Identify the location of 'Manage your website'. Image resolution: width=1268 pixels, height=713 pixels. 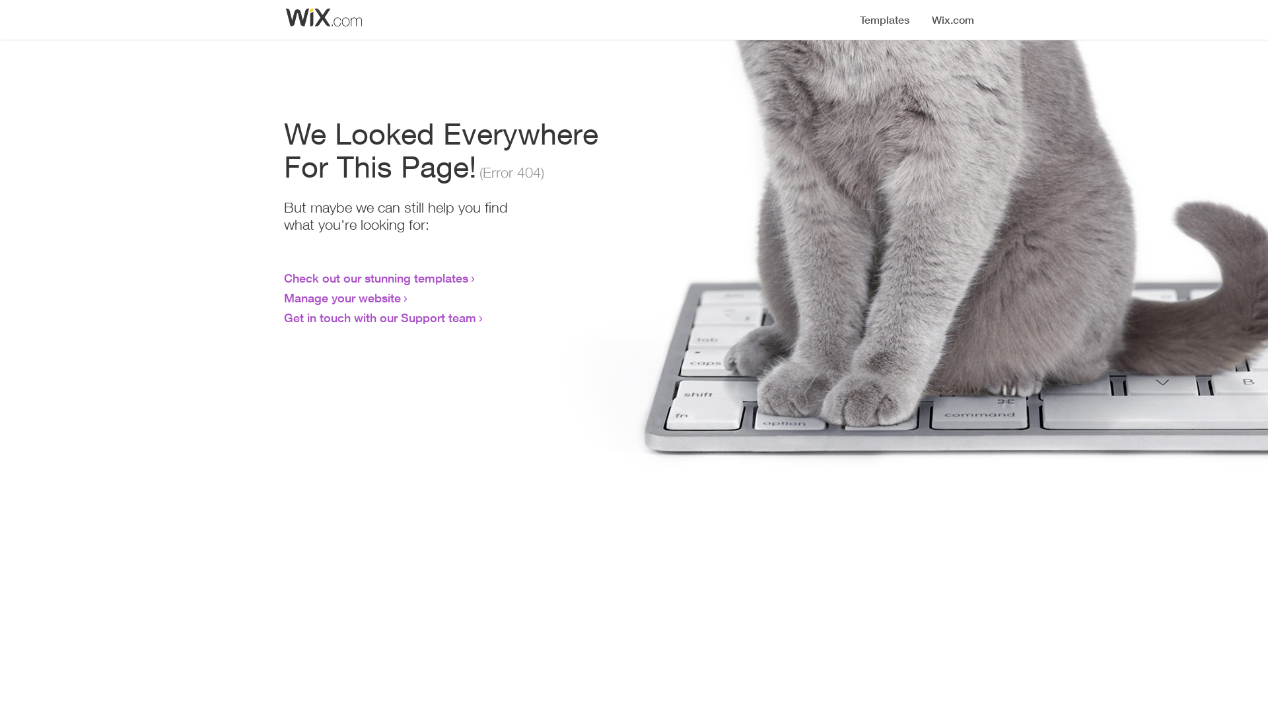
(342, 298).